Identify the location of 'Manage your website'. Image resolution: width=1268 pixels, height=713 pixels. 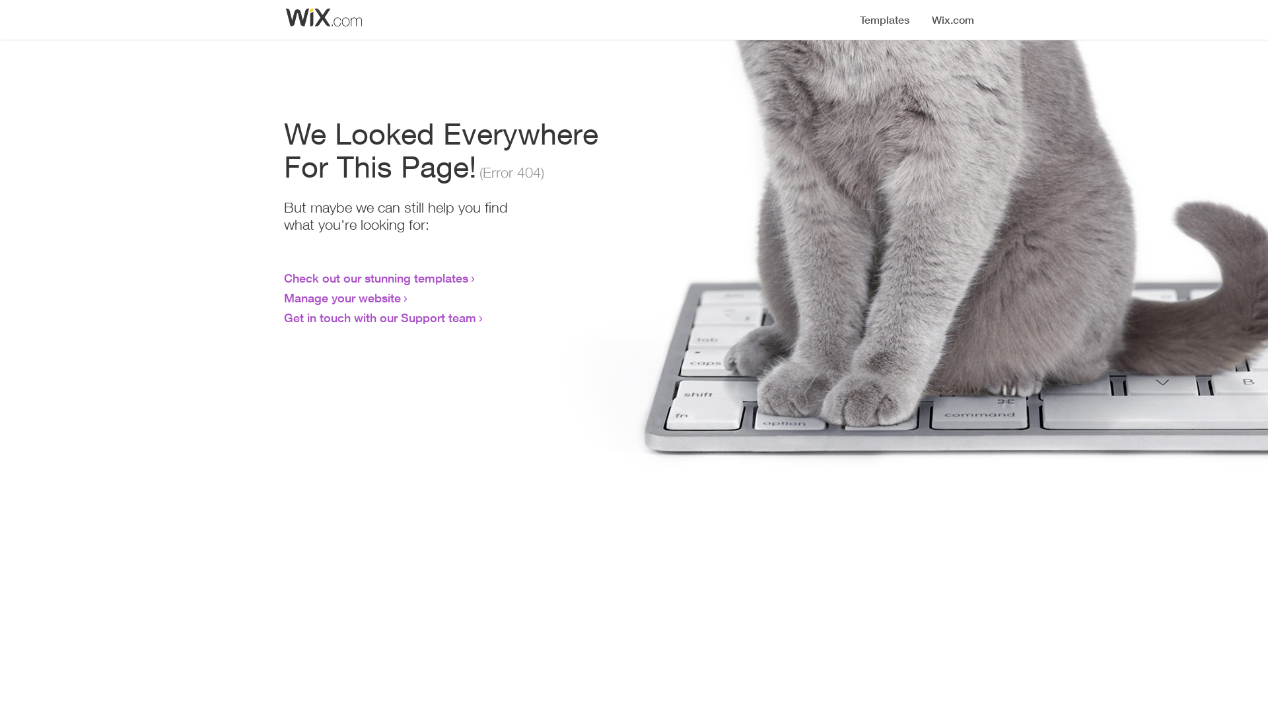
(342, 298).